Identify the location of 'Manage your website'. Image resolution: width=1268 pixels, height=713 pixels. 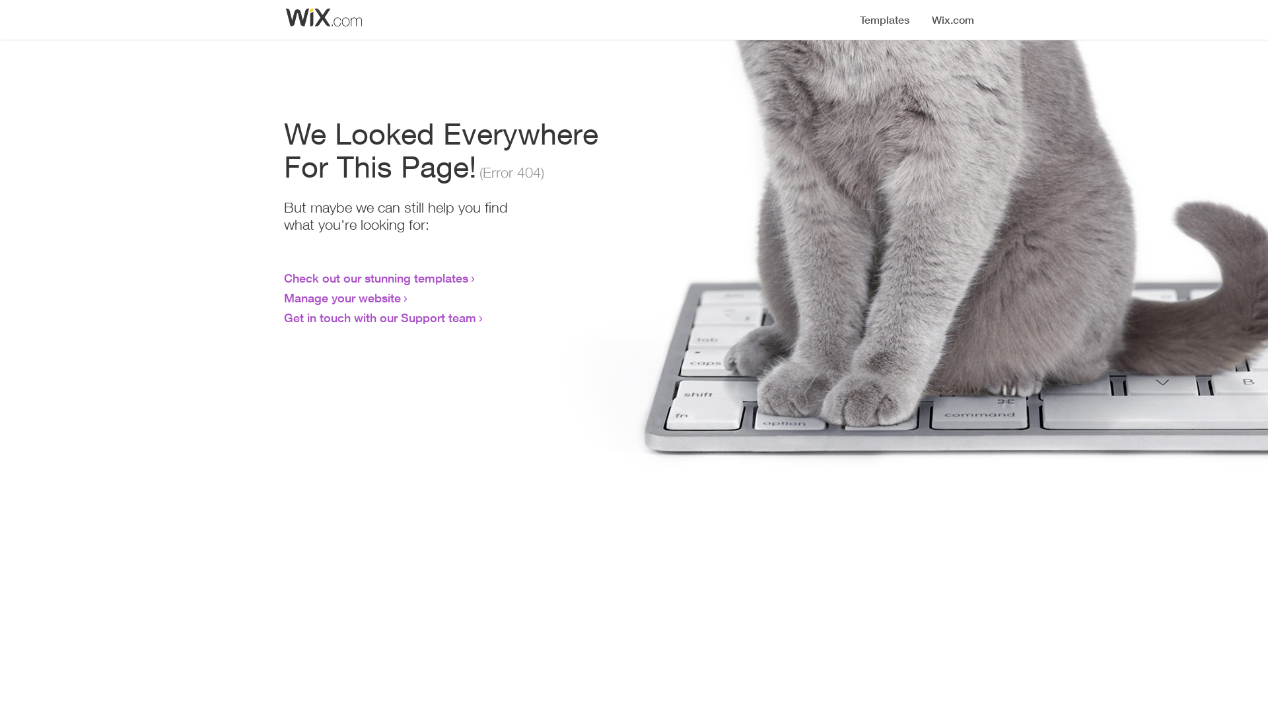
(342, 298).